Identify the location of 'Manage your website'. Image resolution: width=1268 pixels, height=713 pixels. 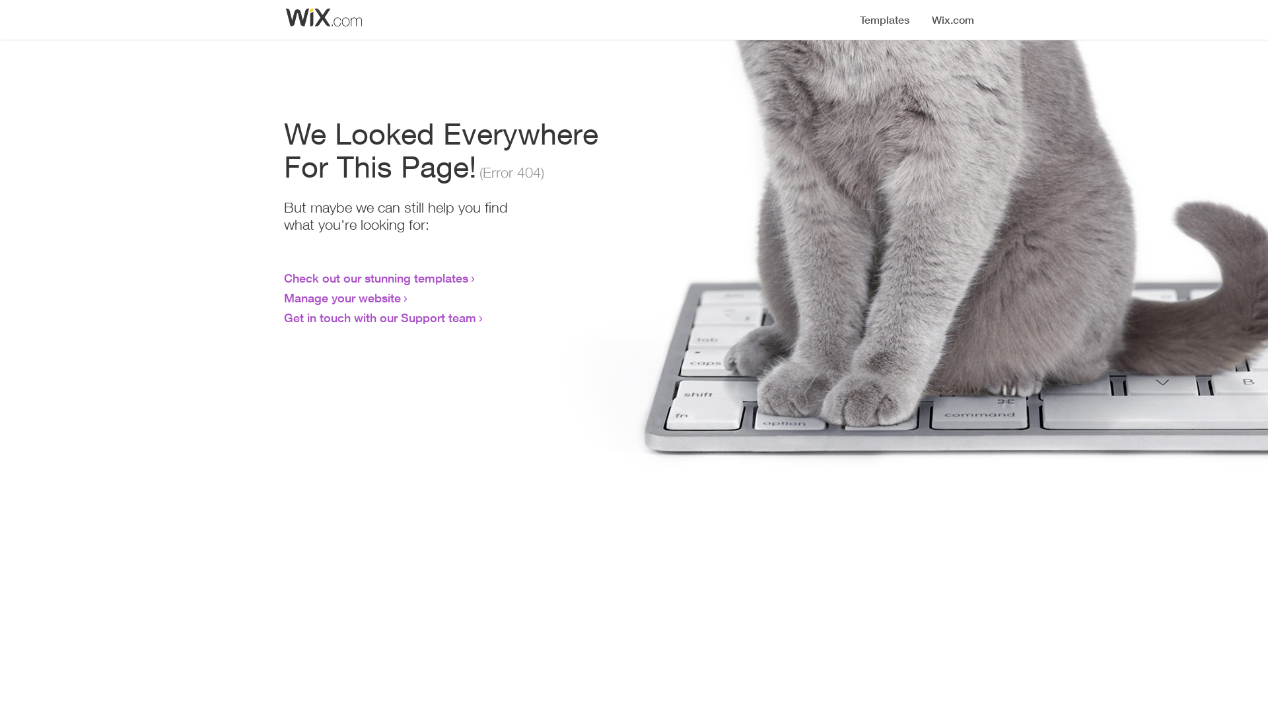
(342, 298).